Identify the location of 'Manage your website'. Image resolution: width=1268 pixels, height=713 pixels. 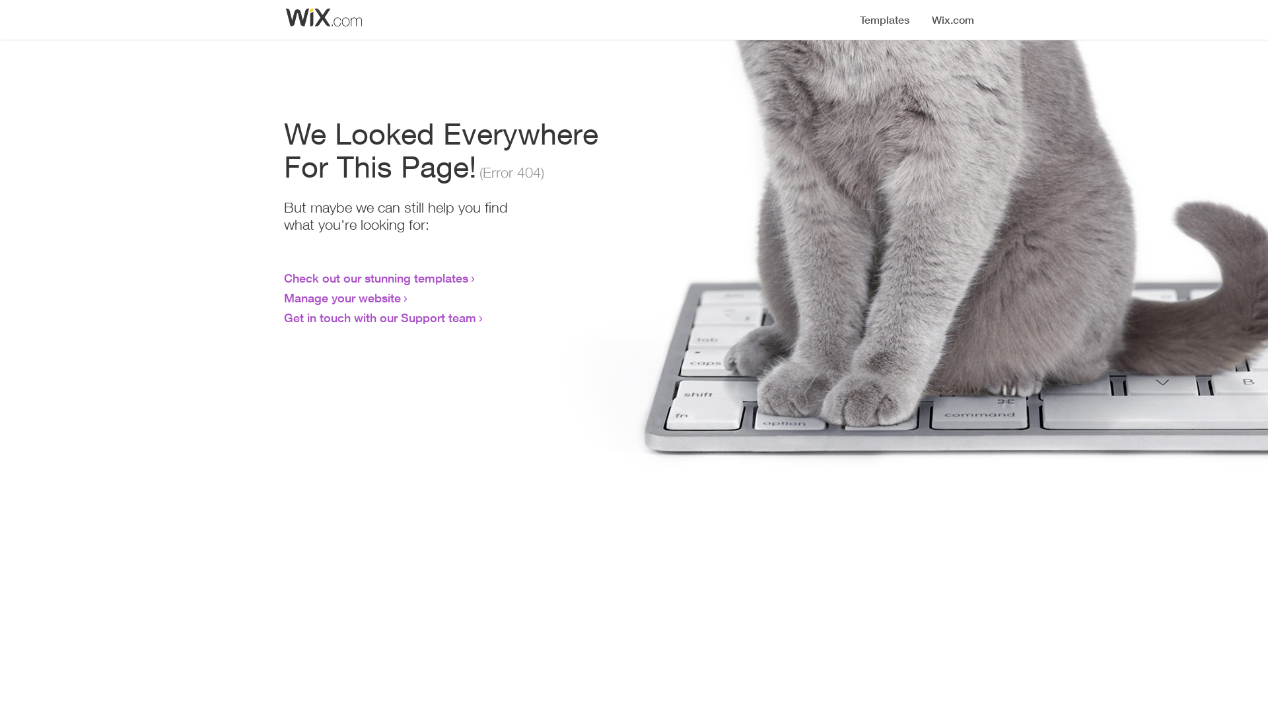
(342, 298).